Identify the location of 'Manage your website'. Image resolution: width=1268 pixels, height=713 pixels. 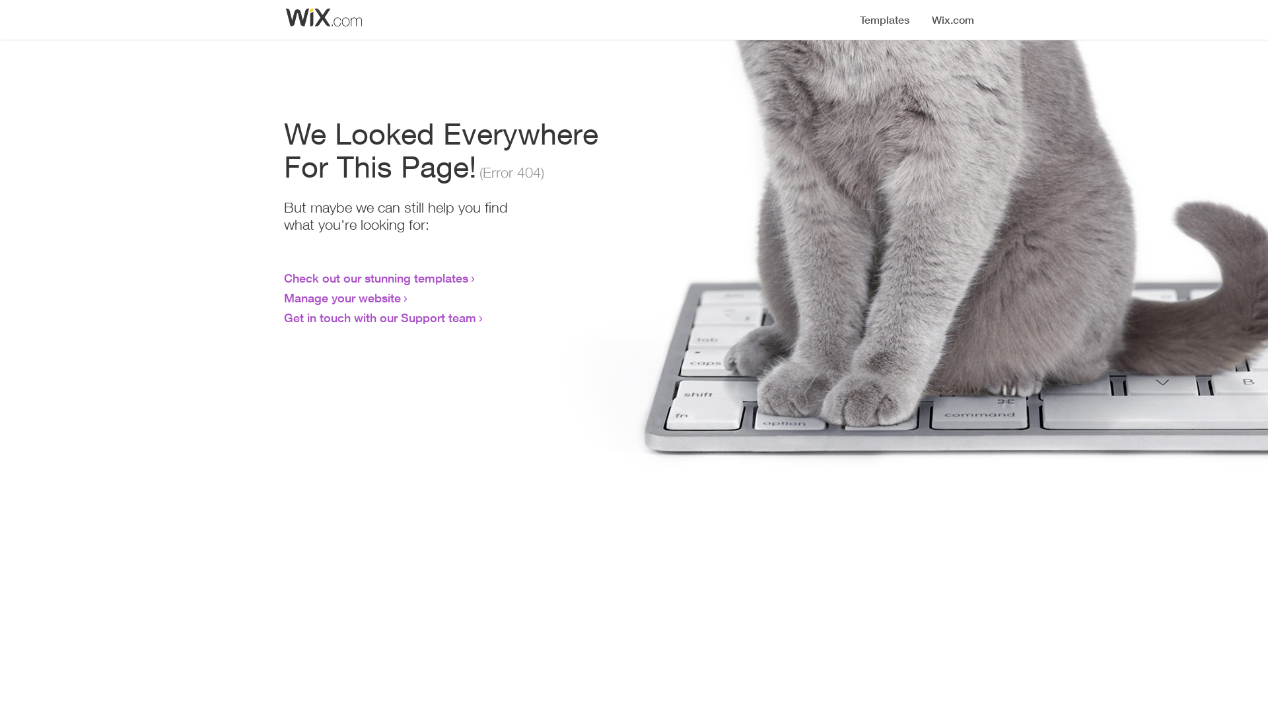
(342, 298).